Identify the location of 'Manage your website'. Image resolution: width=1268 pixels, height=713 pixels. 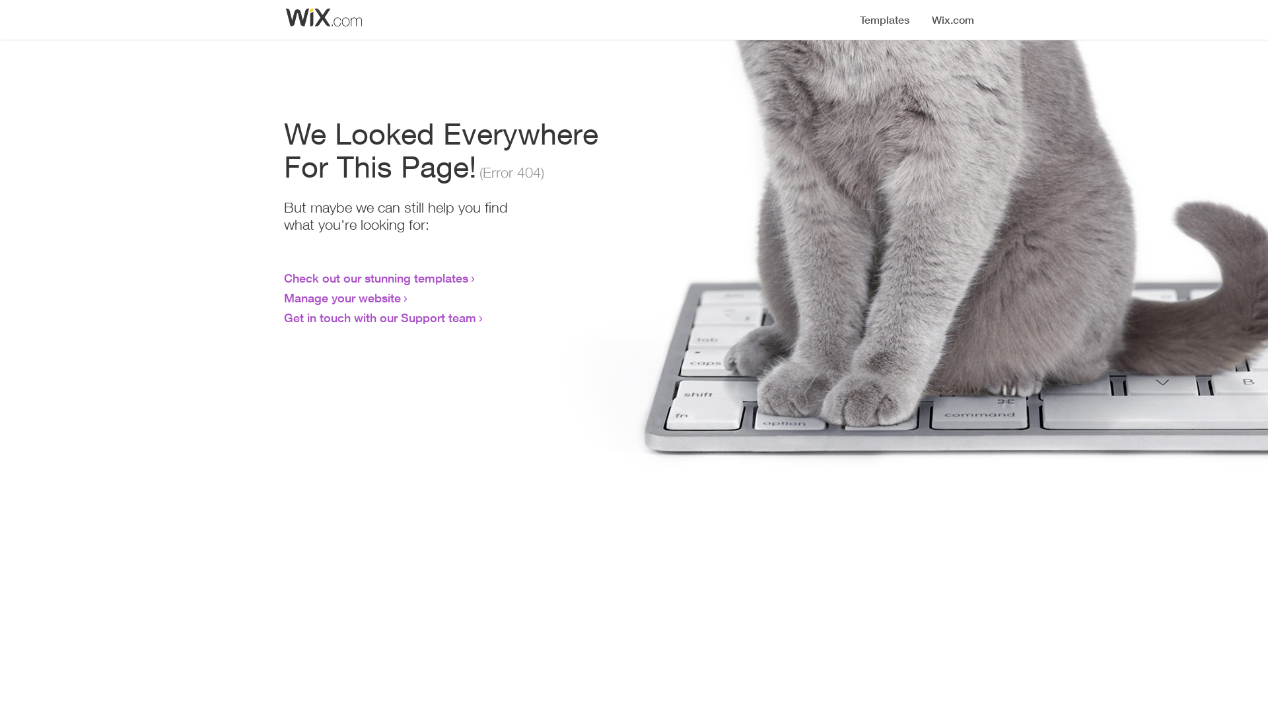
(342, 298).